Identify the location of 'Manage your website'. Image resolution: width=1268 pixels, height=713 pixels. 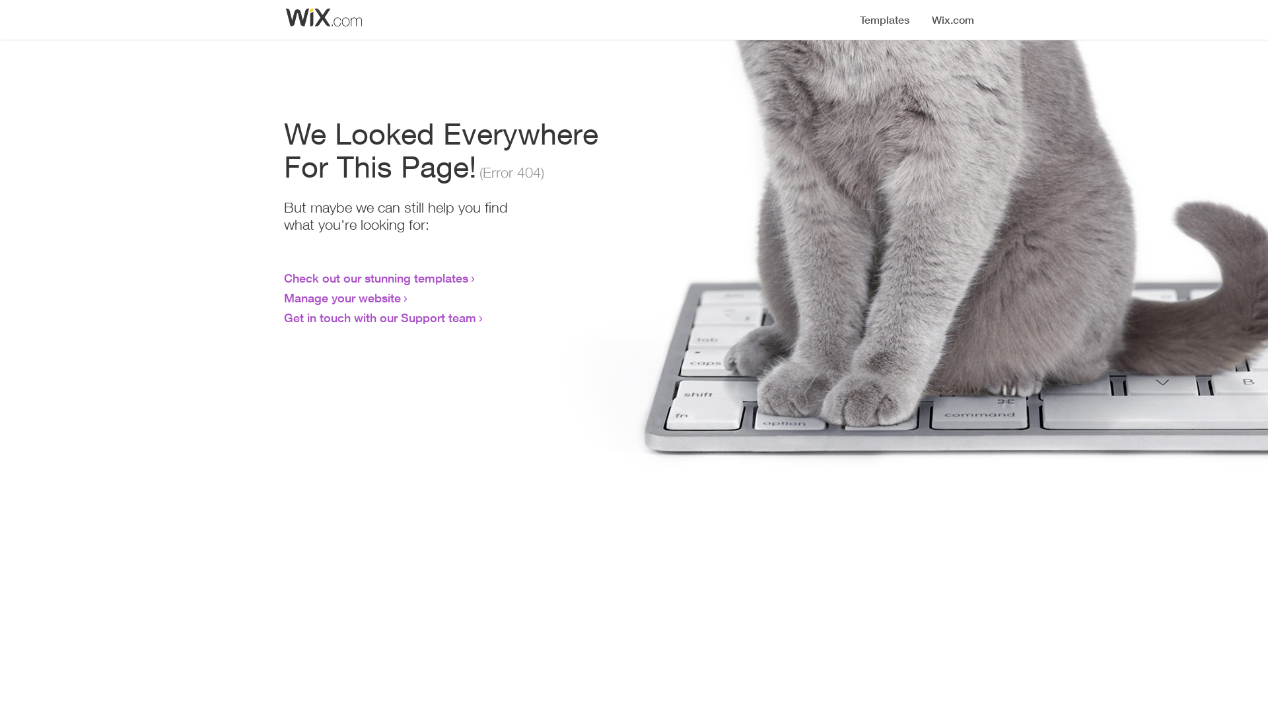
(342, 298).